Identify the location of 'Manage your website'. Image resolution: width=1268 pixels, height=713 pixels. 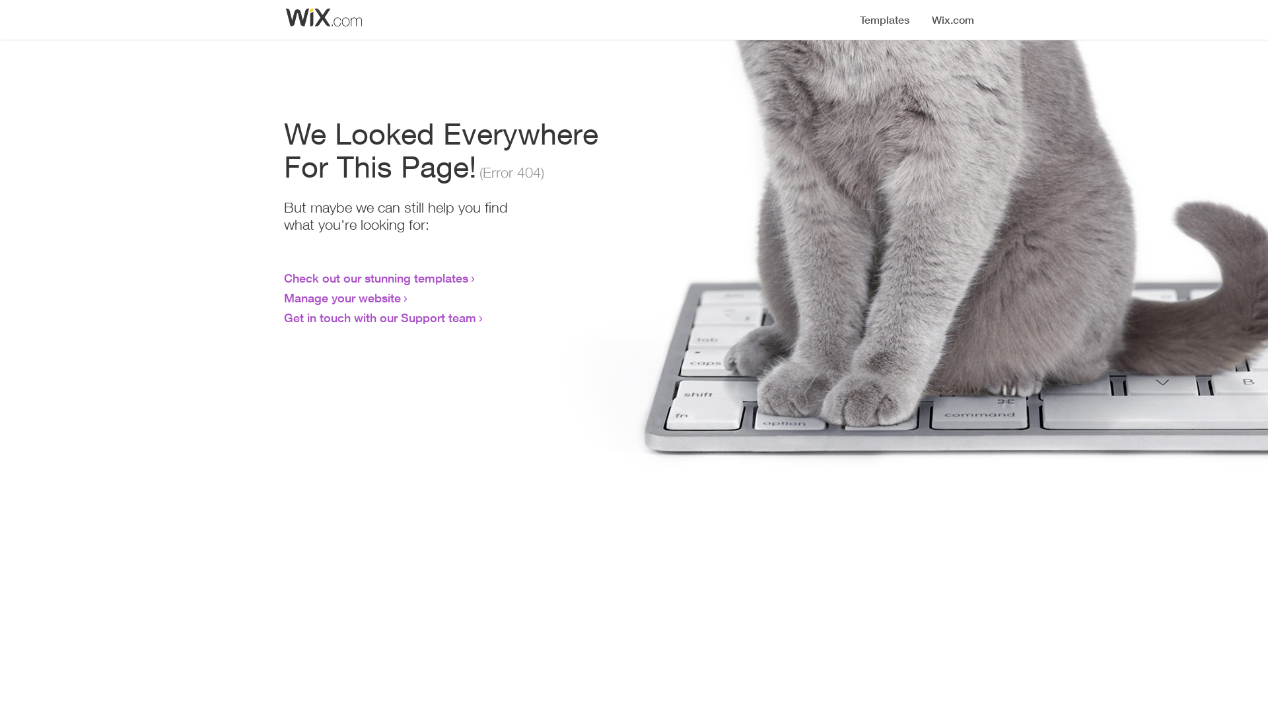
(342, 298).